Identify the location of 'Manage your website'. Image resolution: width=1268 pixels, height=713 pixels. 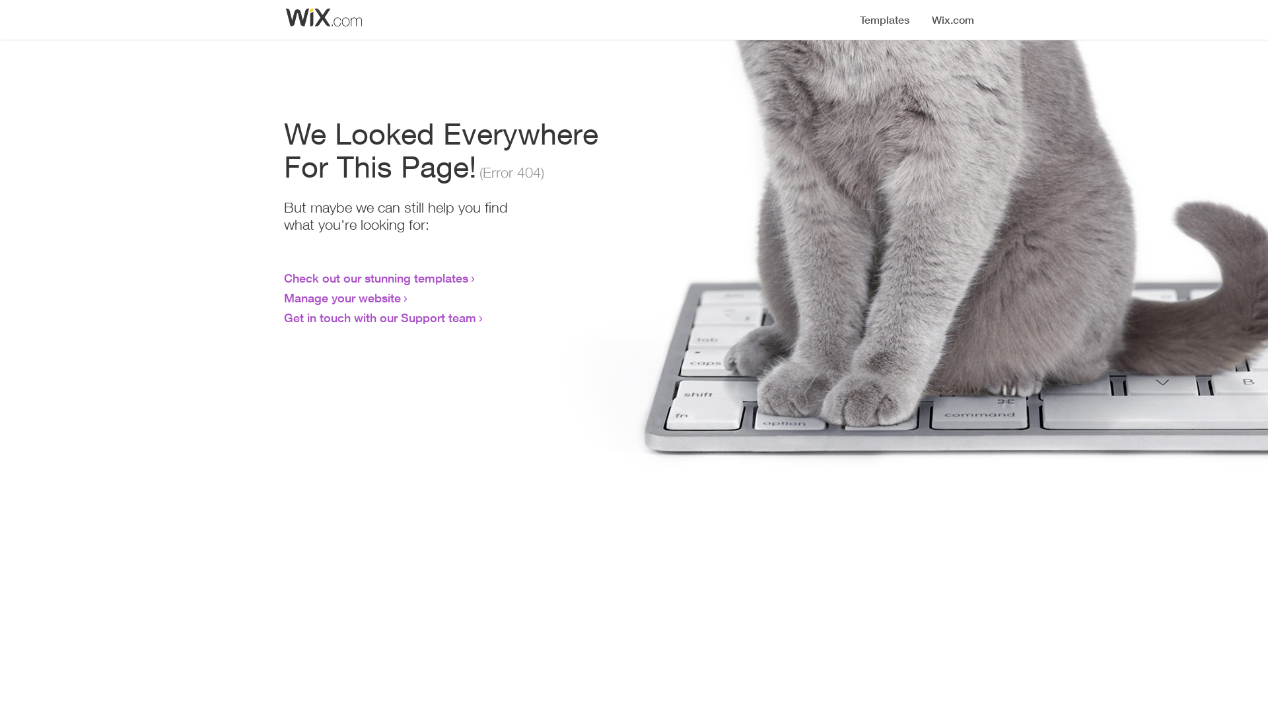
(342, 298).